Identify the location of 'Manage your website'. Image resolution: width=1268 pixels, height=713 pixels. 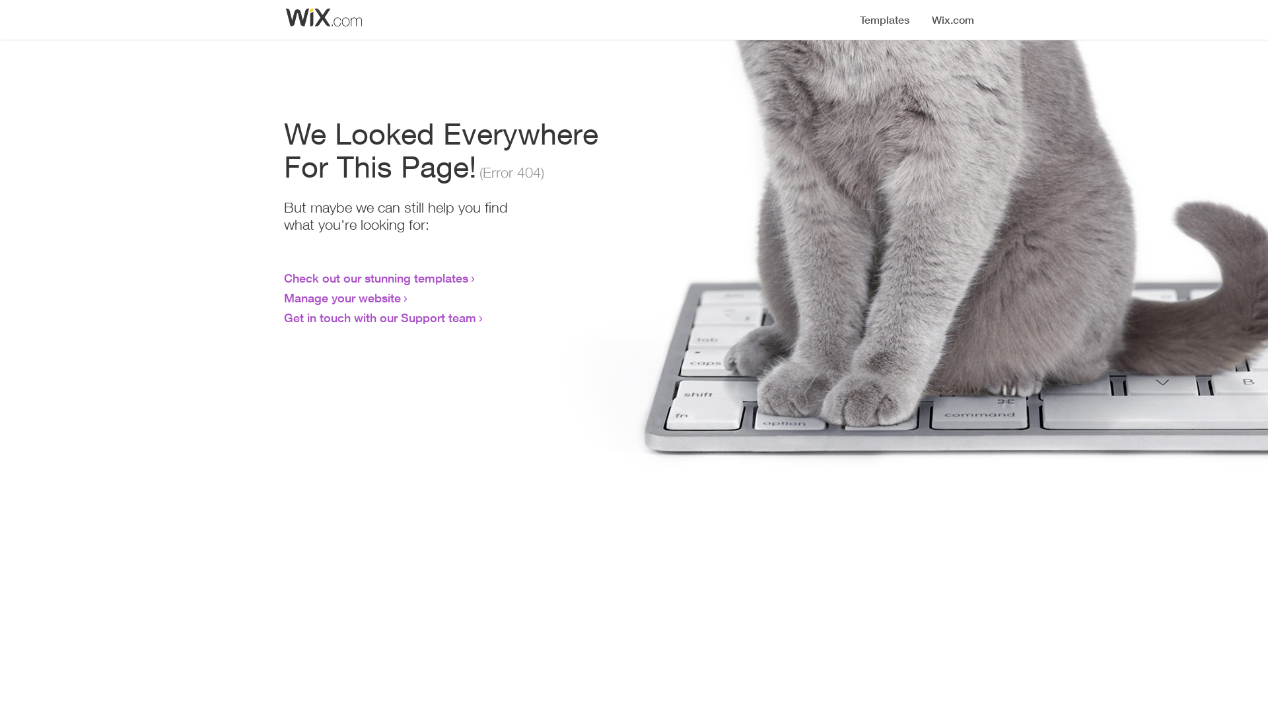
(342, 298).